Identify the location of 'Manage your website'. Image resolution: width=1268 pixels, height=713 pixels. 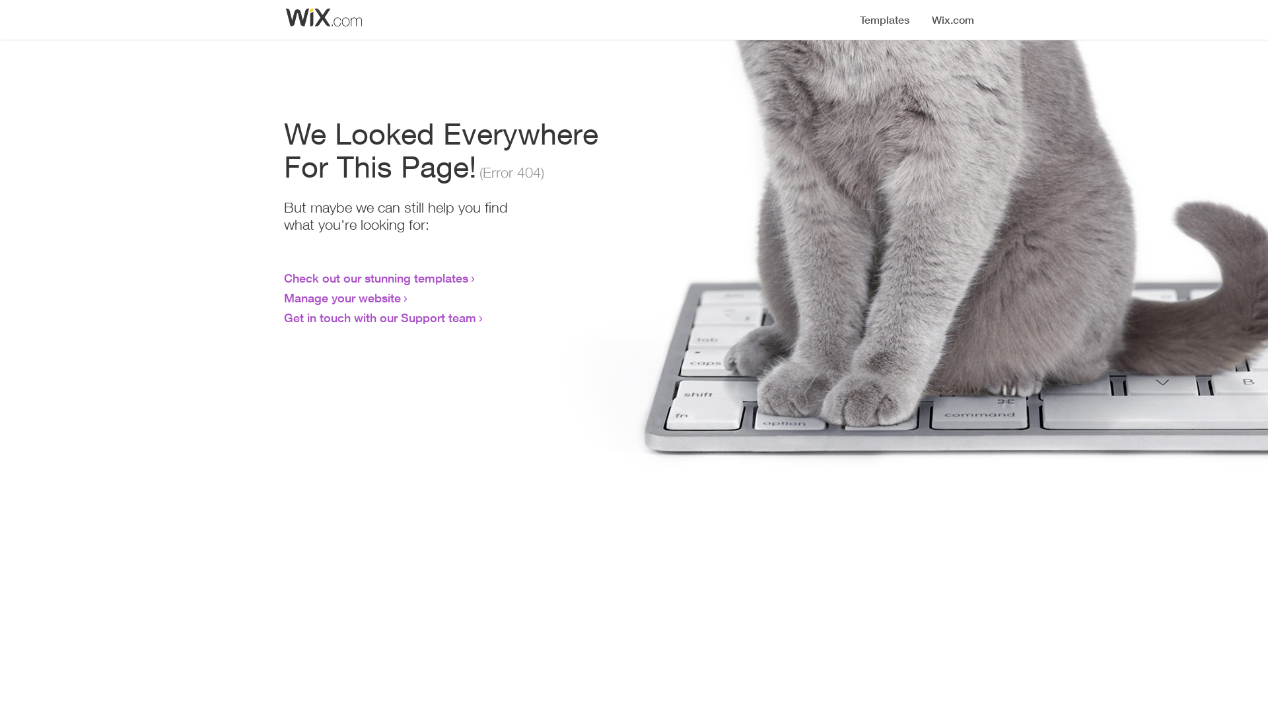
(342, 298).